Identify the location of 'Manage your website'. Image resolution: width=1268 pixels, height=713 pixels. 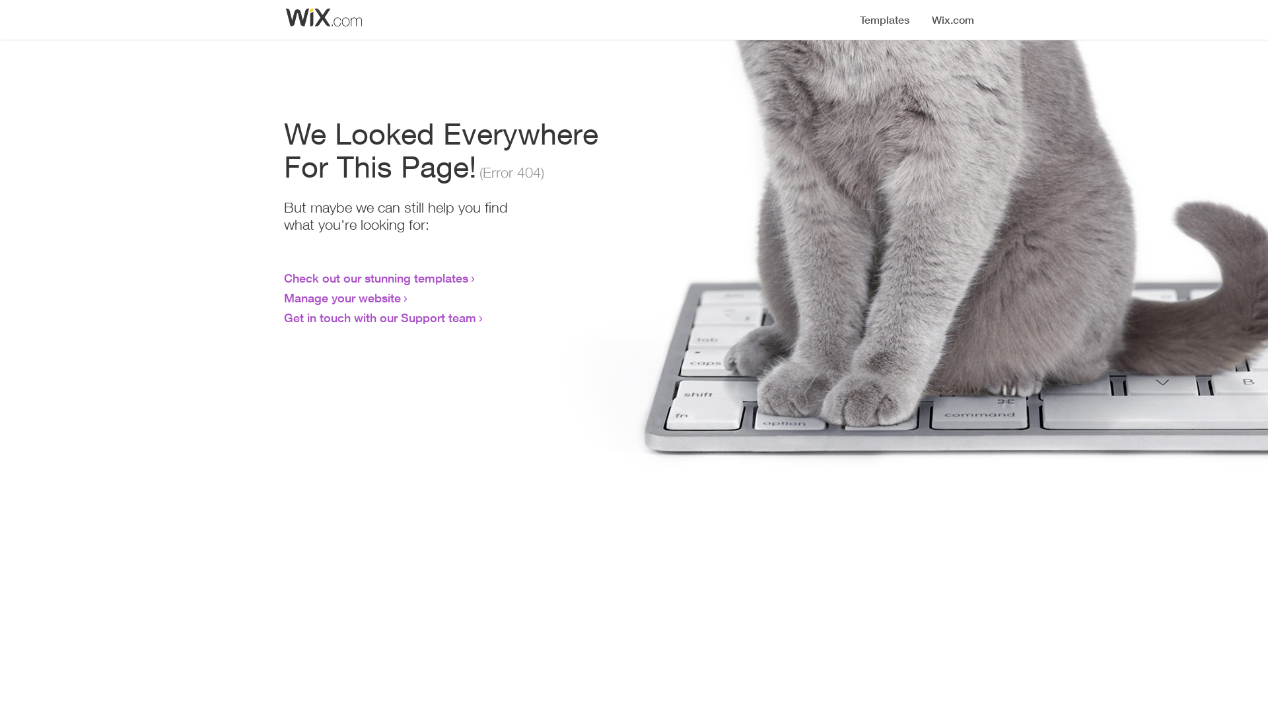
(342, 298).